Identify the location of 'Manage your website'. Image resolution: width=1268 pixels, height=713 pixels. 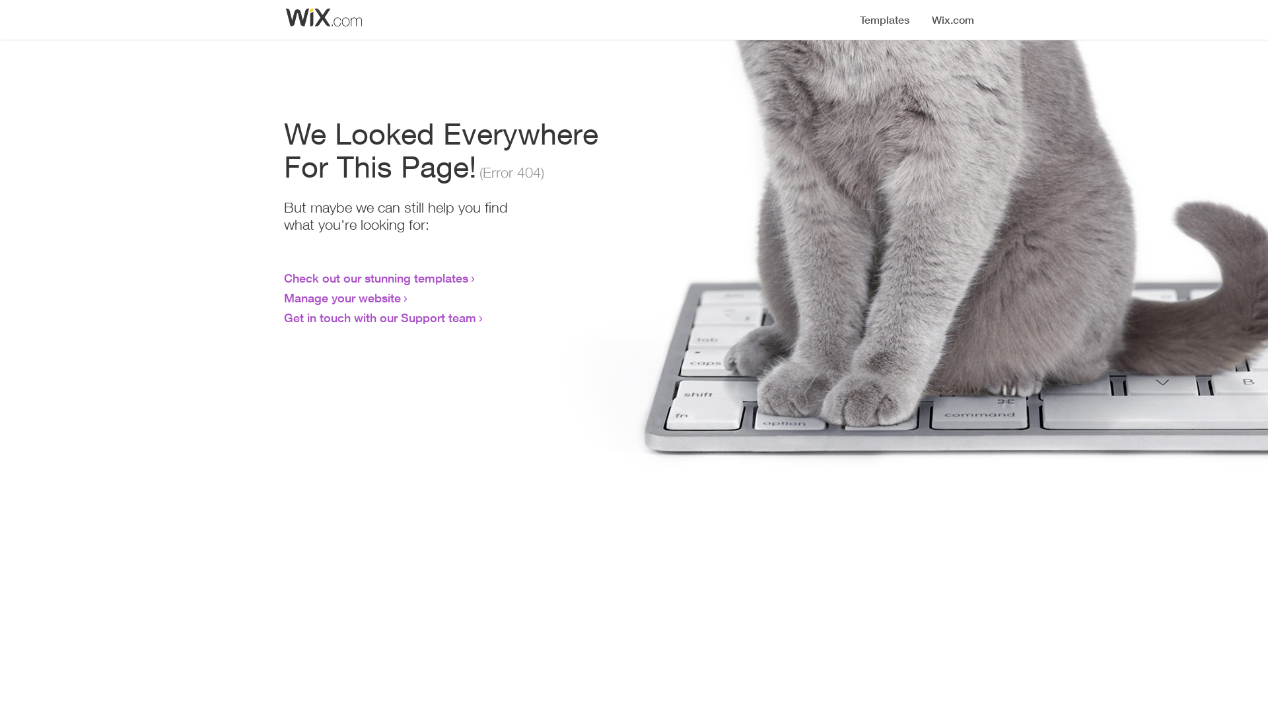
(342, 298).